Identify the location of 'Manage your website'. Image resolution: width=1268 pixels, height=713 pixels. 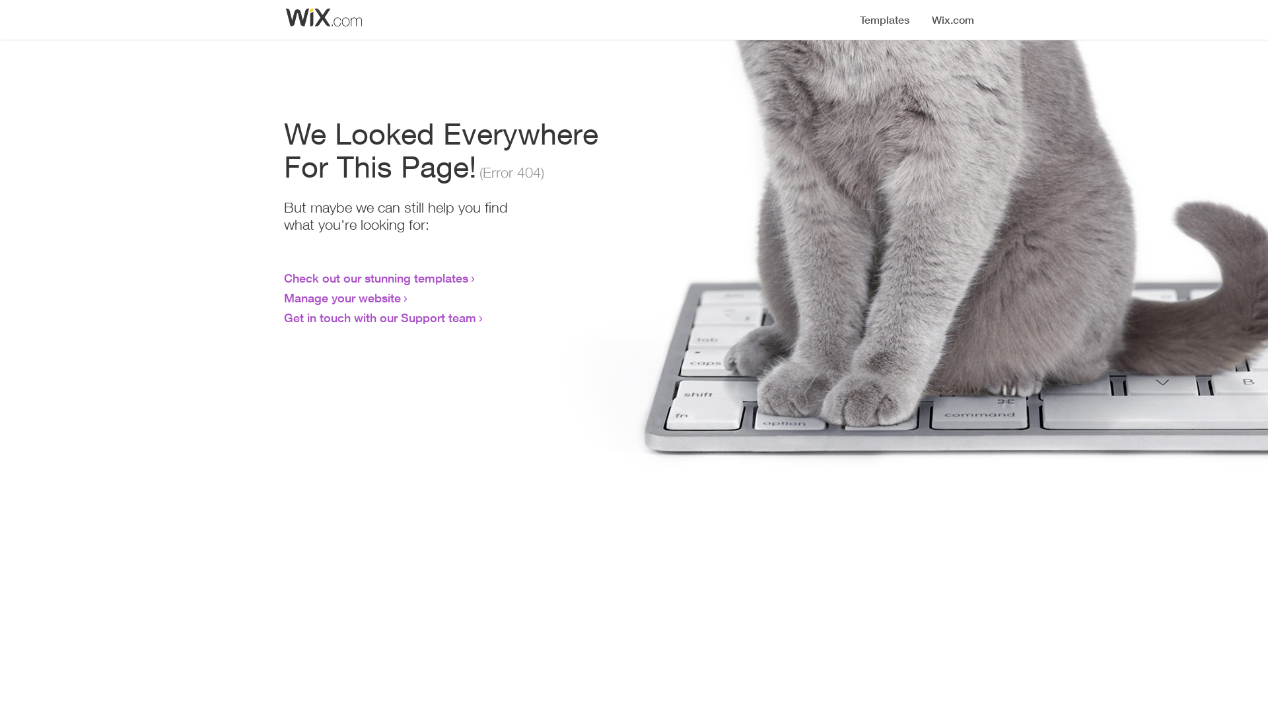
(342, 298).